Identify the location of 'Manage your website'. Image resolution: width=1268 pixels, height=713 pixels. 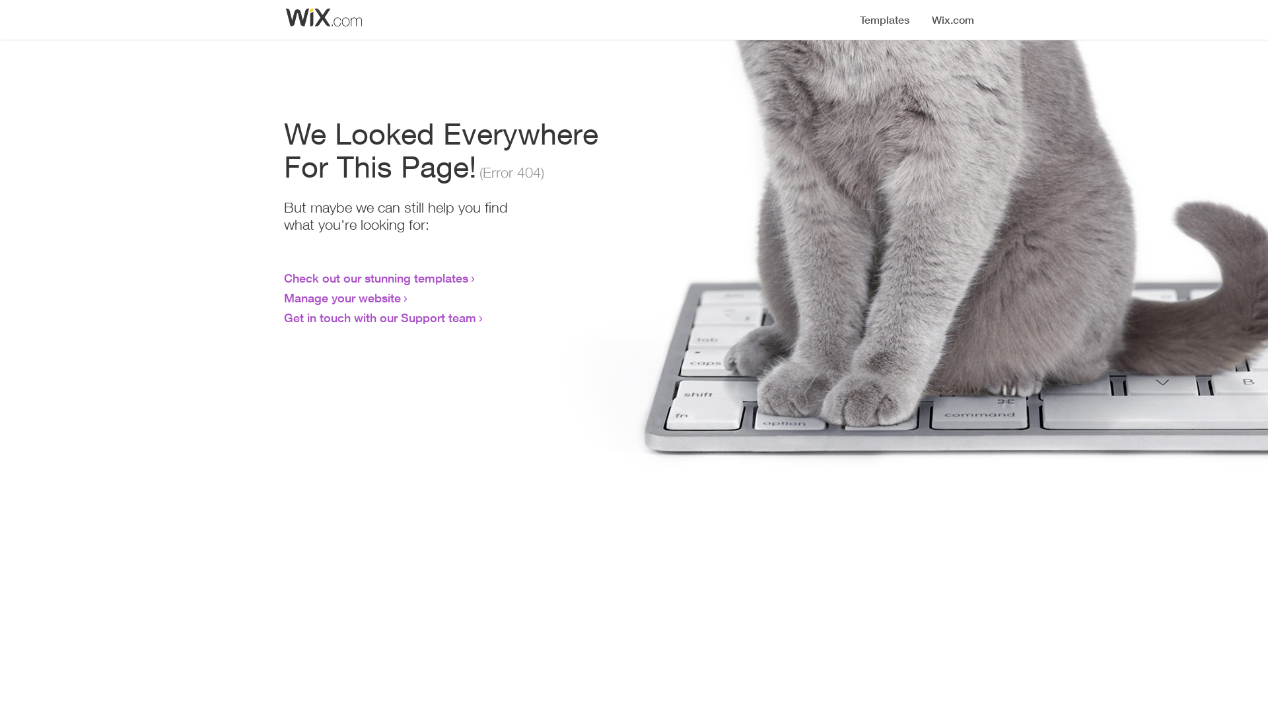
(342, 298).